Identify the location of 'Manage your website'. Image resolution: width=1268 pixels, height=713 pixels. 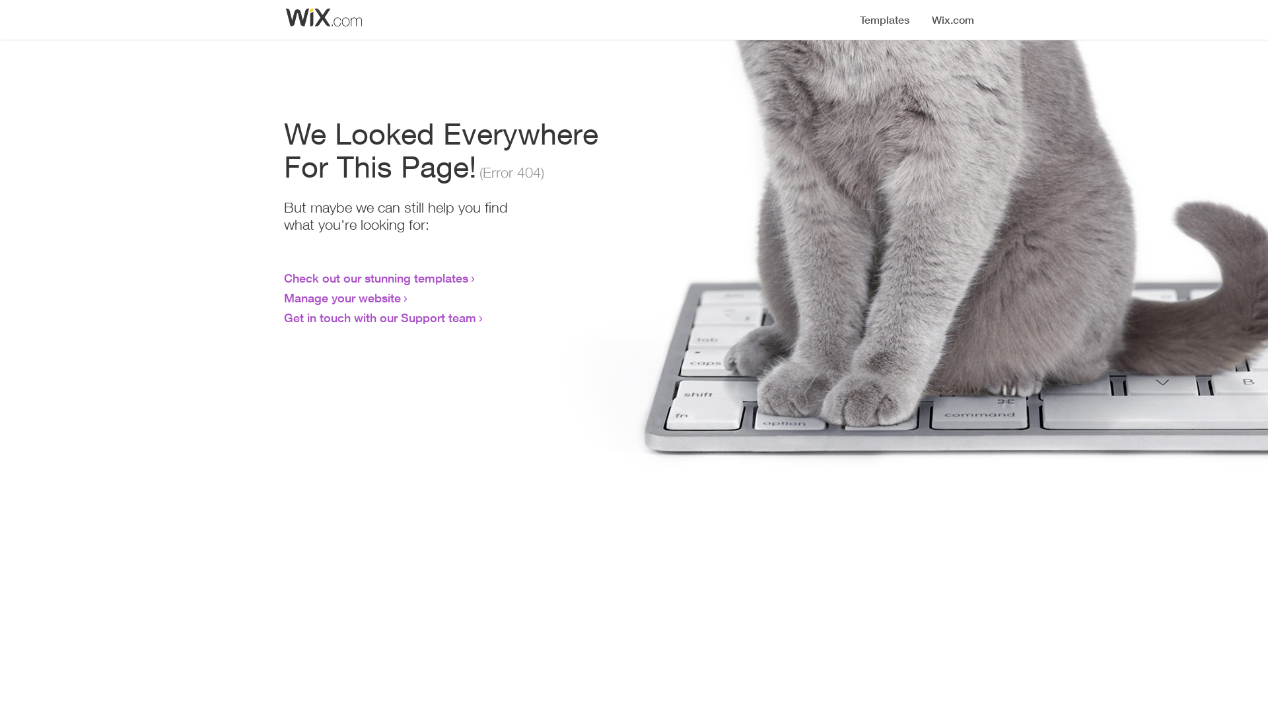
(342, 298).